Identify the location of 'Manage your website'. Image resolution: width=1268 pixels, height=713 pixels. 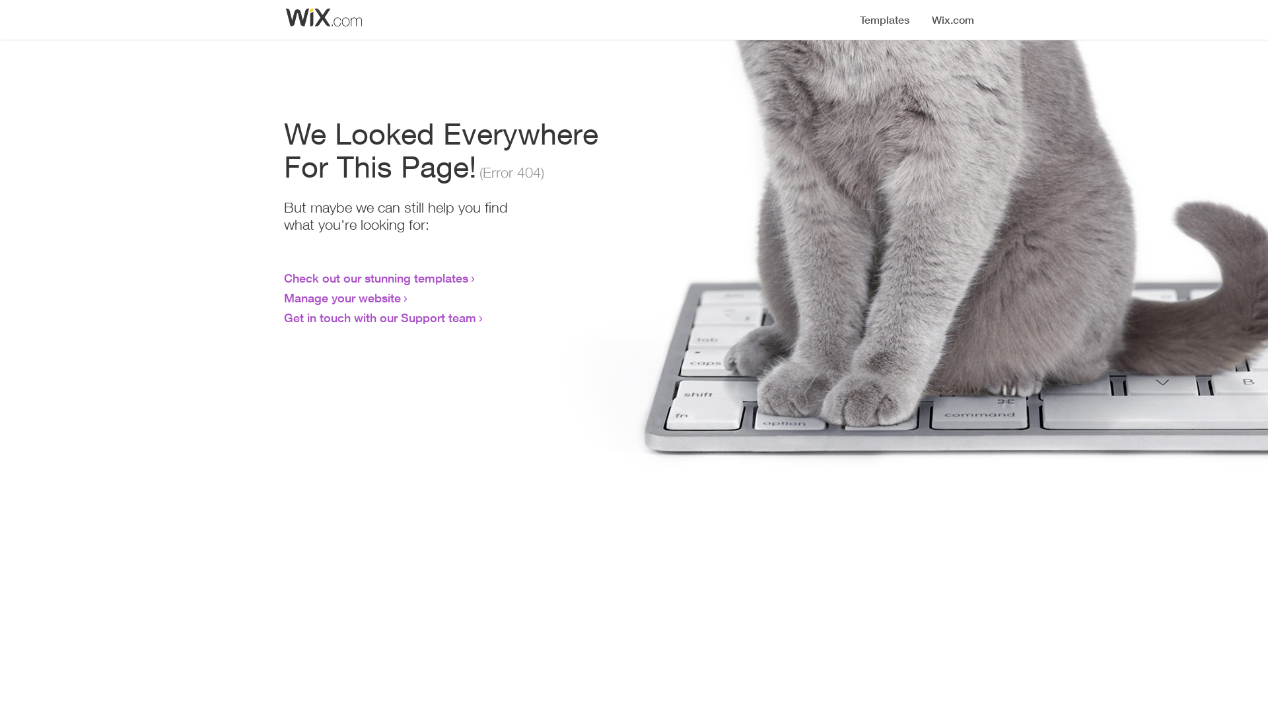
(342, 298).